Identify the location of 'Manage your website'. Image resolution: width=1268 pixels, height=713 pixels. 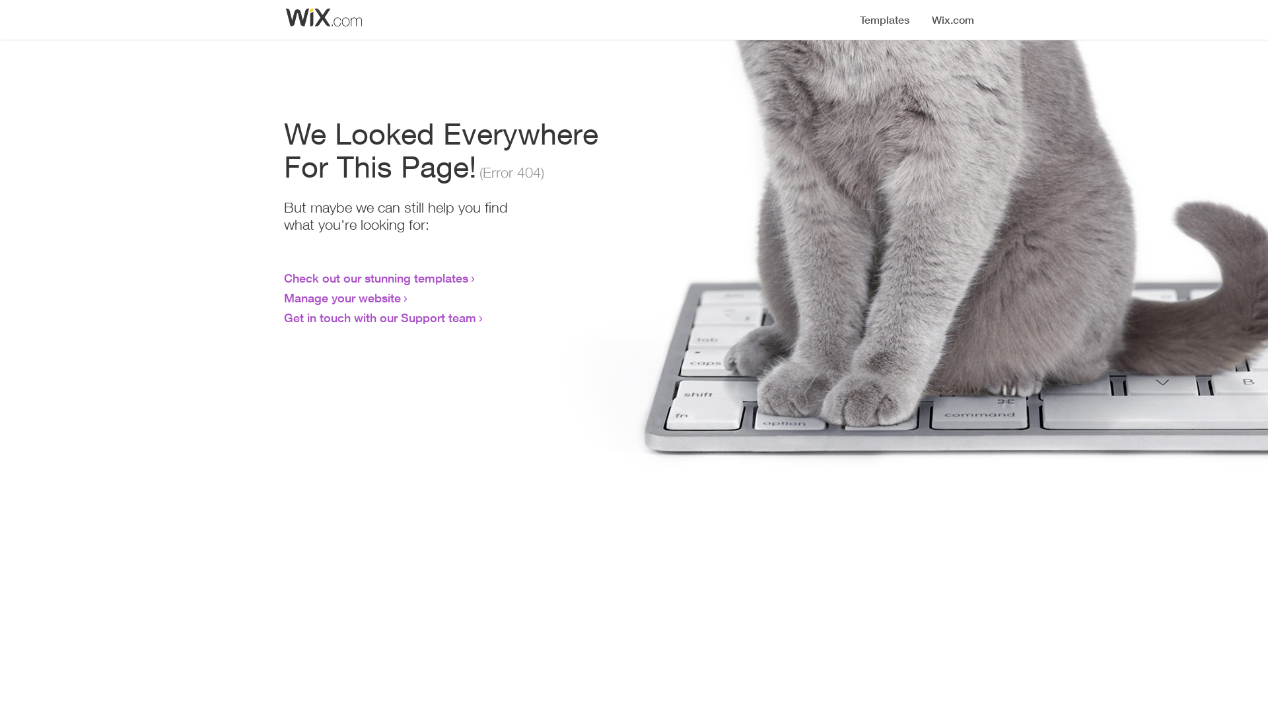
(342, 298).